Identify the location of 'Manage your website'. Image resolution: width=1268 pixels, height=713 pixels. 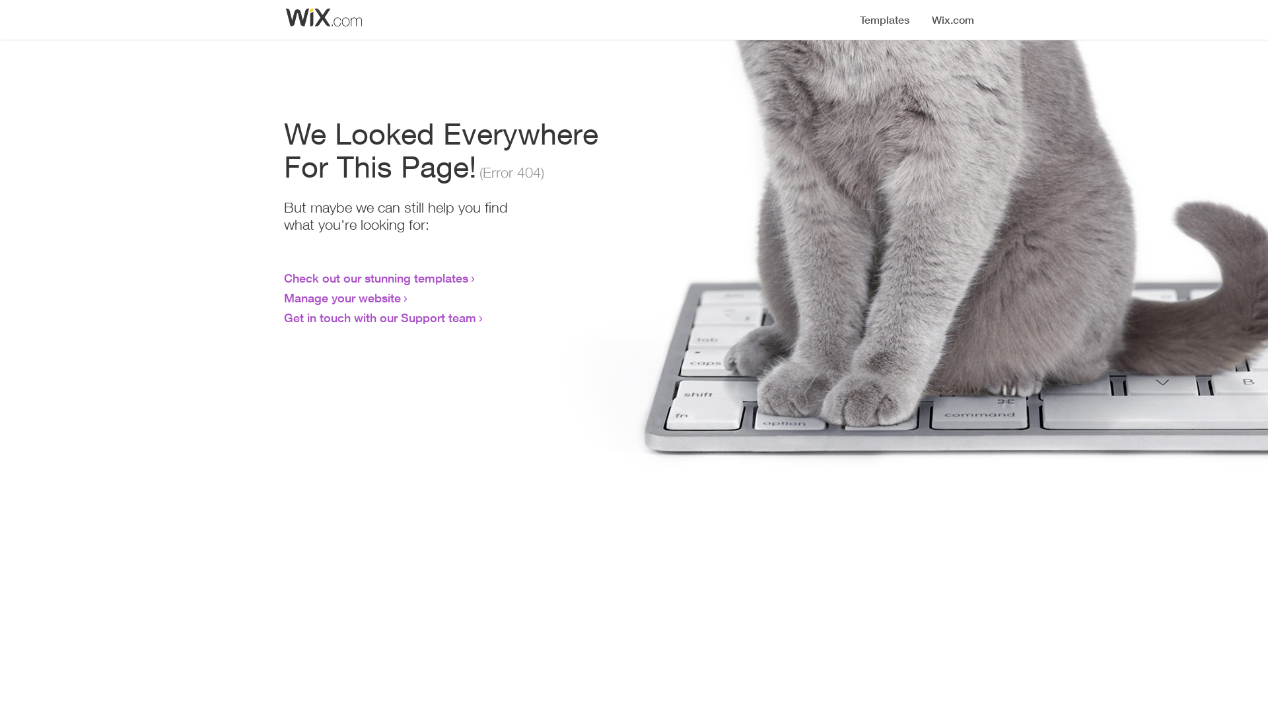
(342, 298).